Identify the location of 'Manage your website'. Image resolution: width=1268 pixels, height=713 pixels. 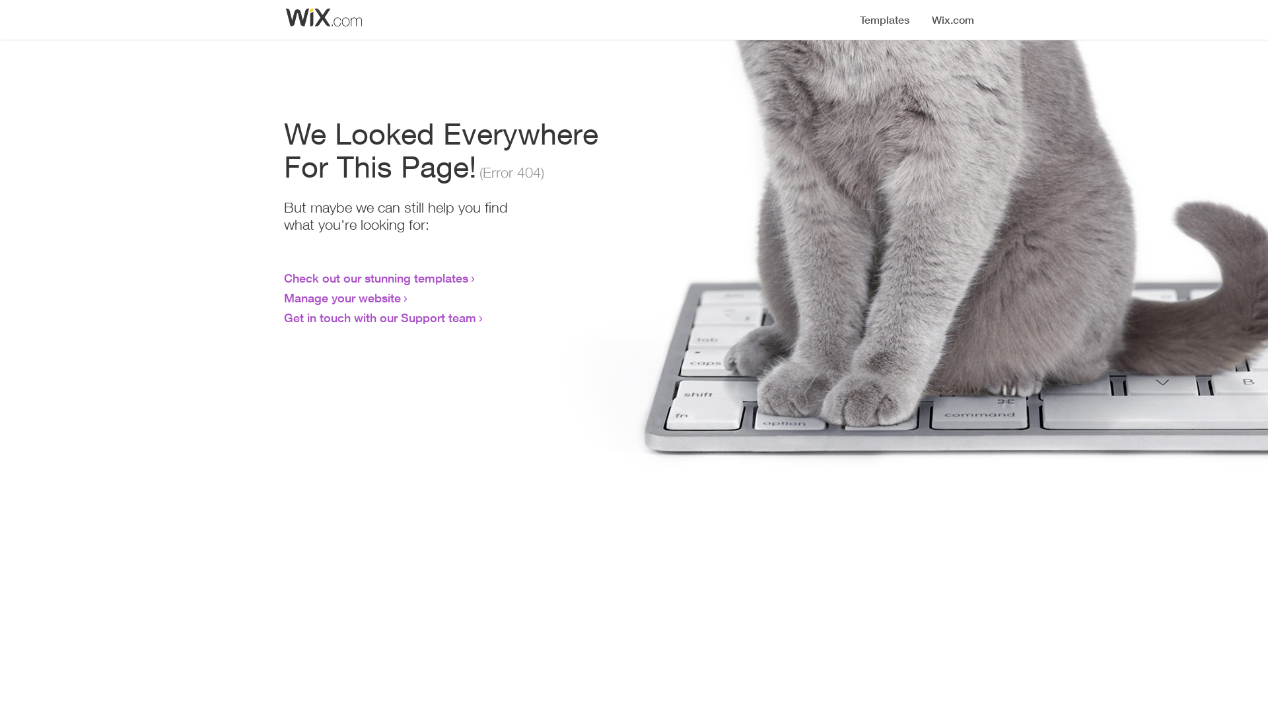
(342, 298).